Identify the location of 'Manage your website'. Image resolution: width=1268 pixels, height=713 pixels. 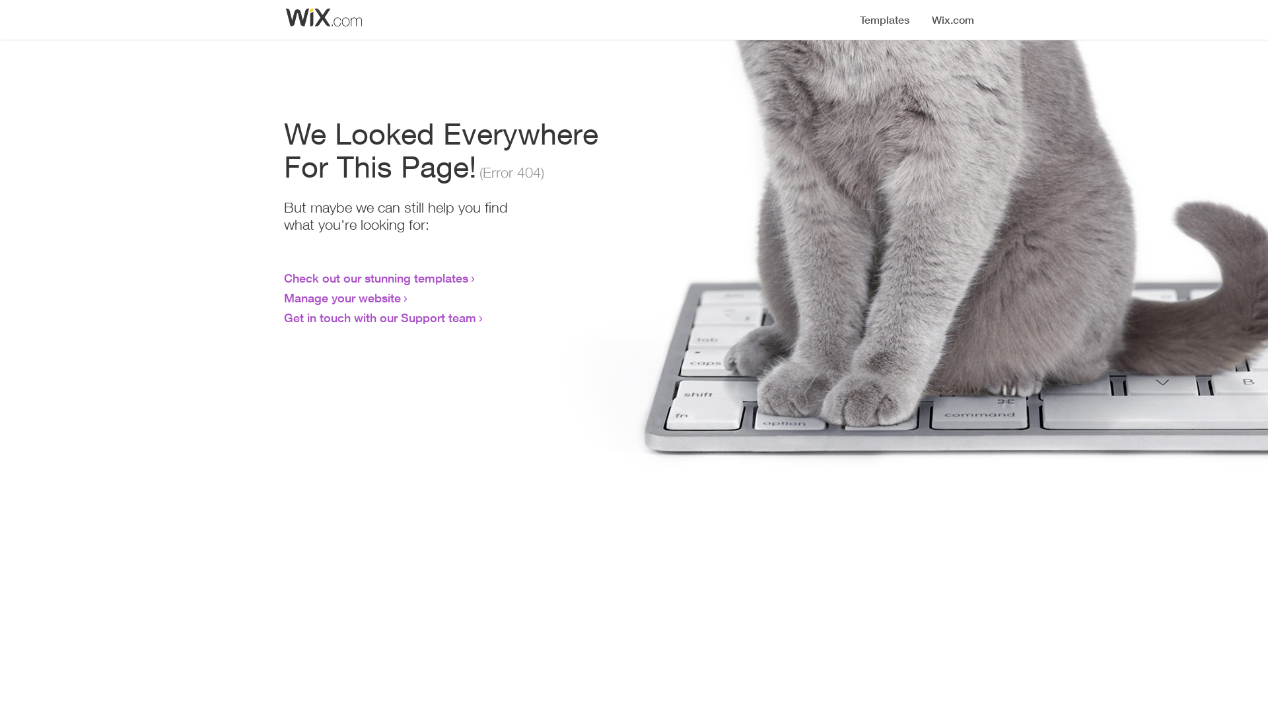
(342, 298).